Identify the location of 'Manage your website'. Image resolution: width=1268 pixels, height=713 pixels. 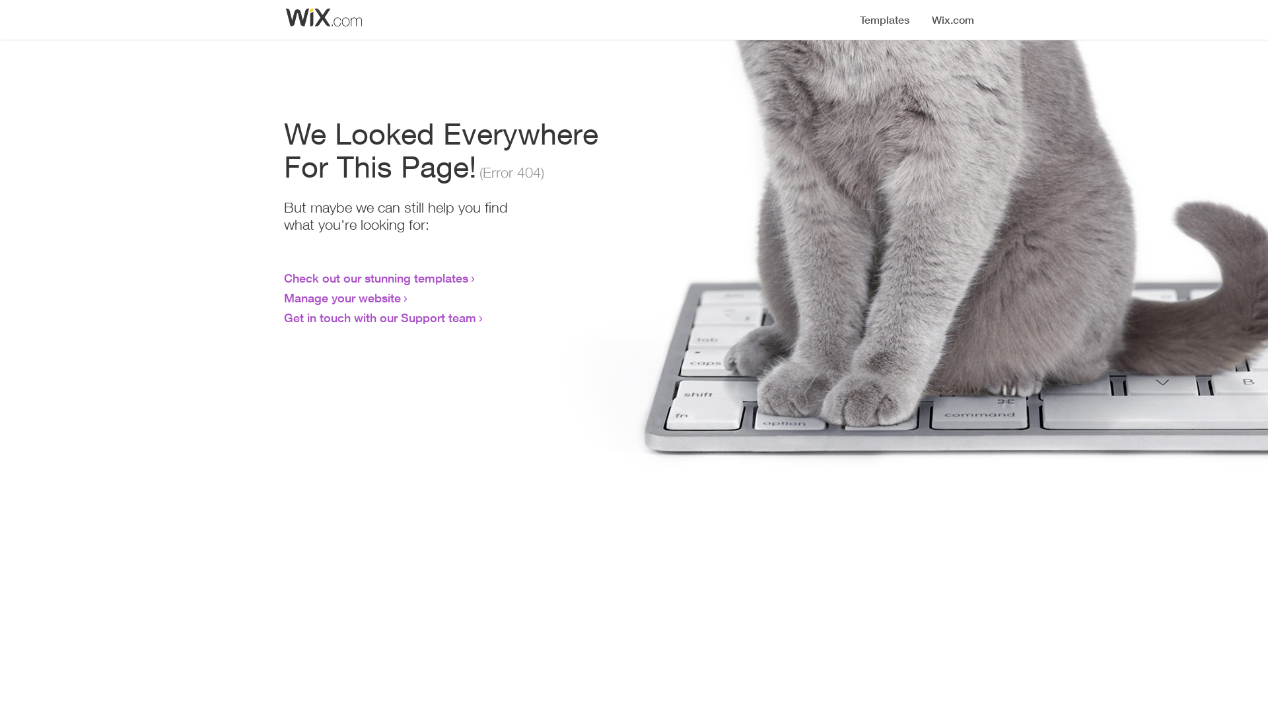
(342, 298).